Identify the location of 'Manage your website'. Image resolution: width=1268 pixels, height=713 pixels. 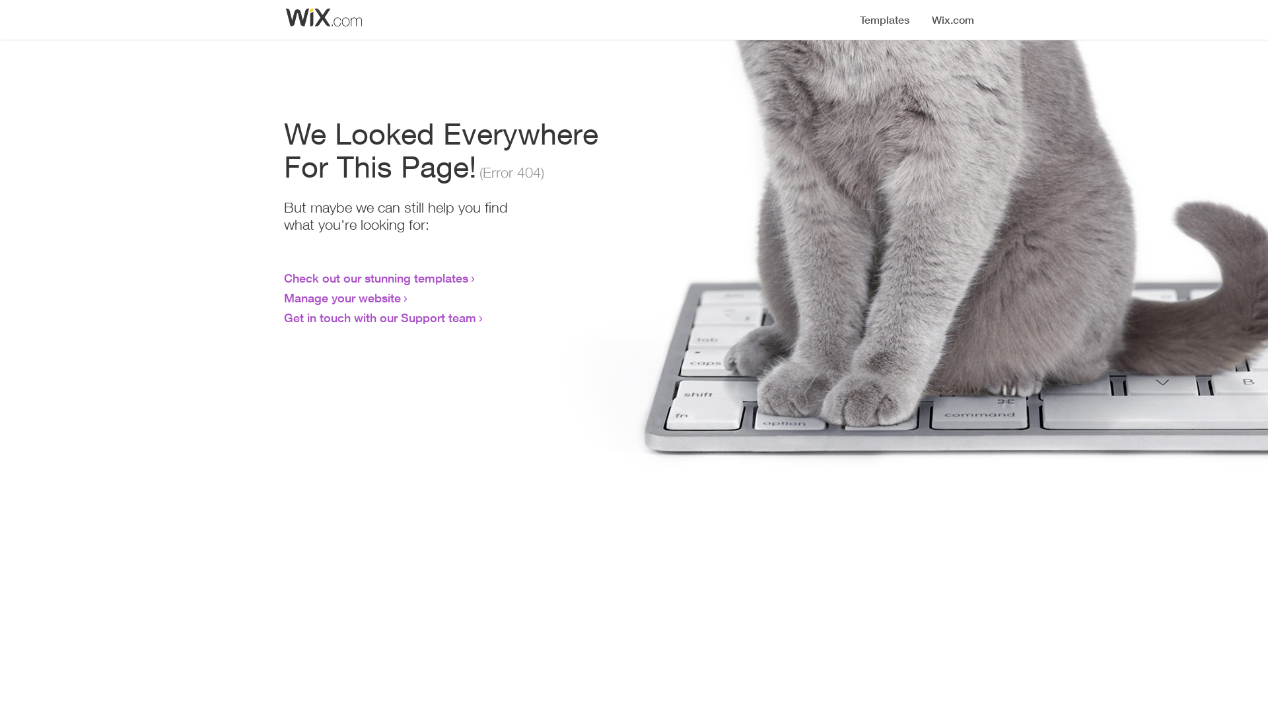
(342, 298).